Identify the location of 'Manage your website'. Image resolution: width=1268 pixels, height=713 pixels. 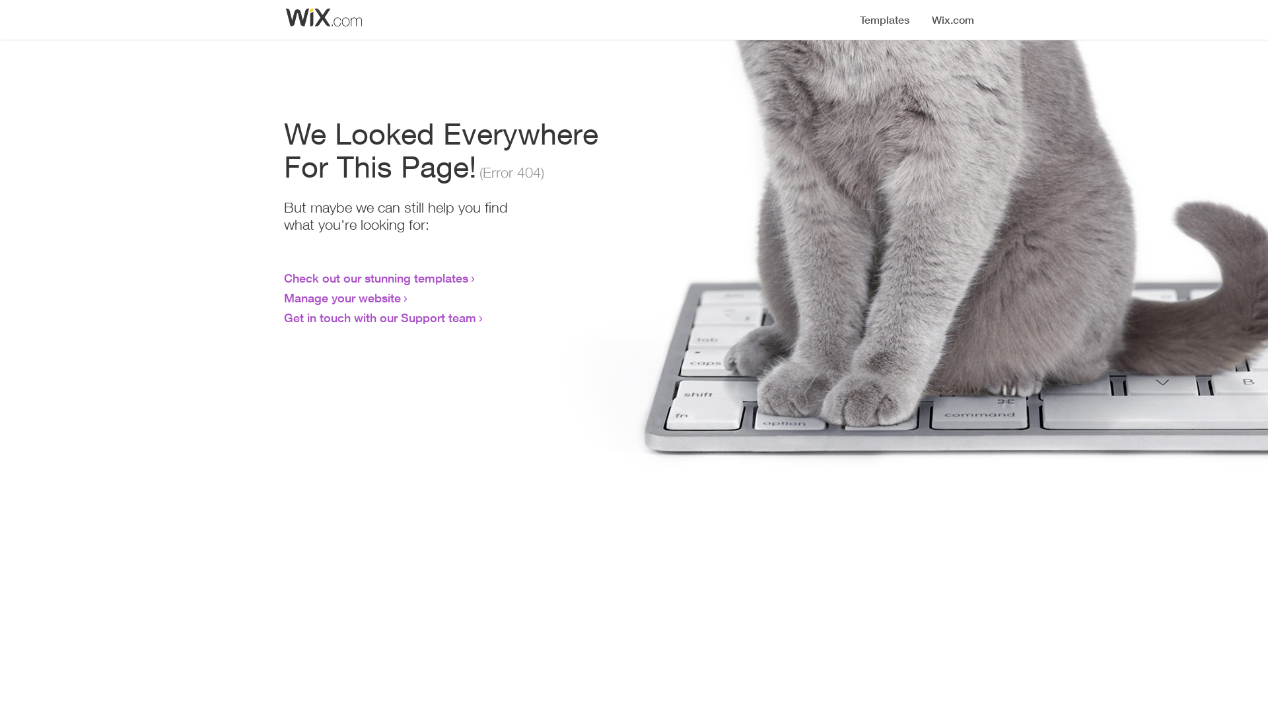
(342, 298).